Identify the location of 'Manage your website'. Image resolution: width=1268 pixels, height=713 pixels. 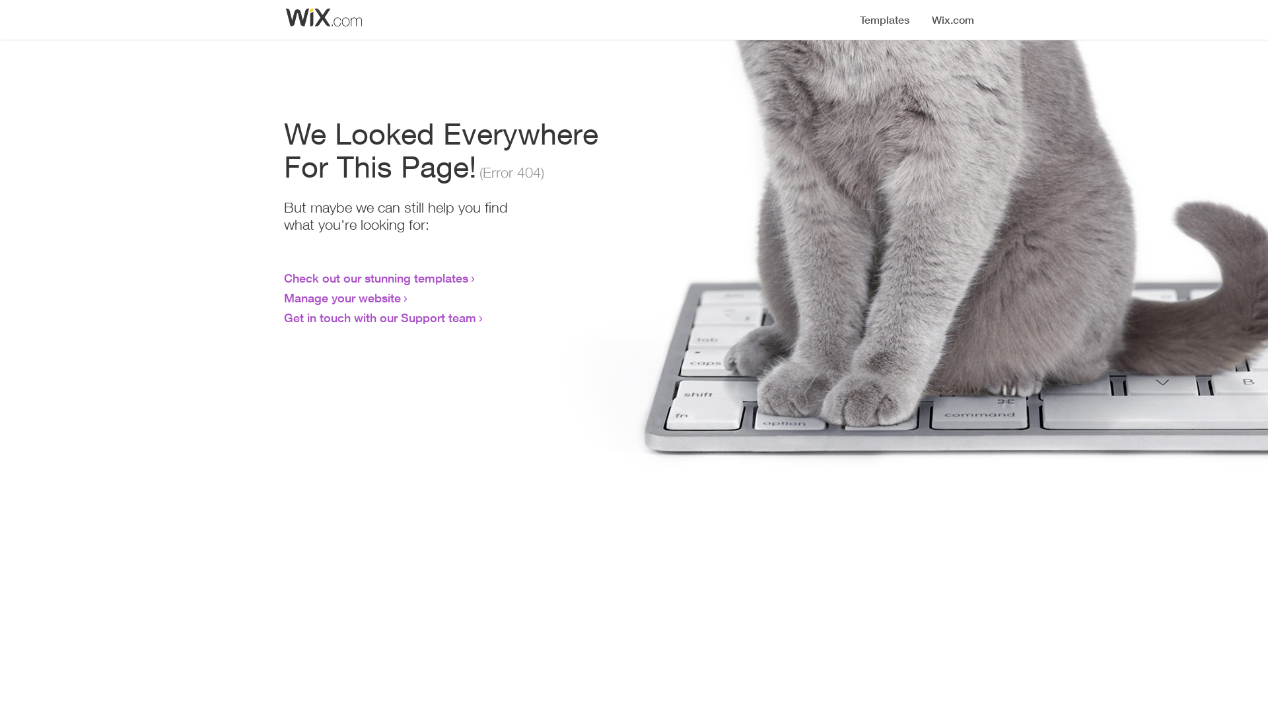
(342, 298).